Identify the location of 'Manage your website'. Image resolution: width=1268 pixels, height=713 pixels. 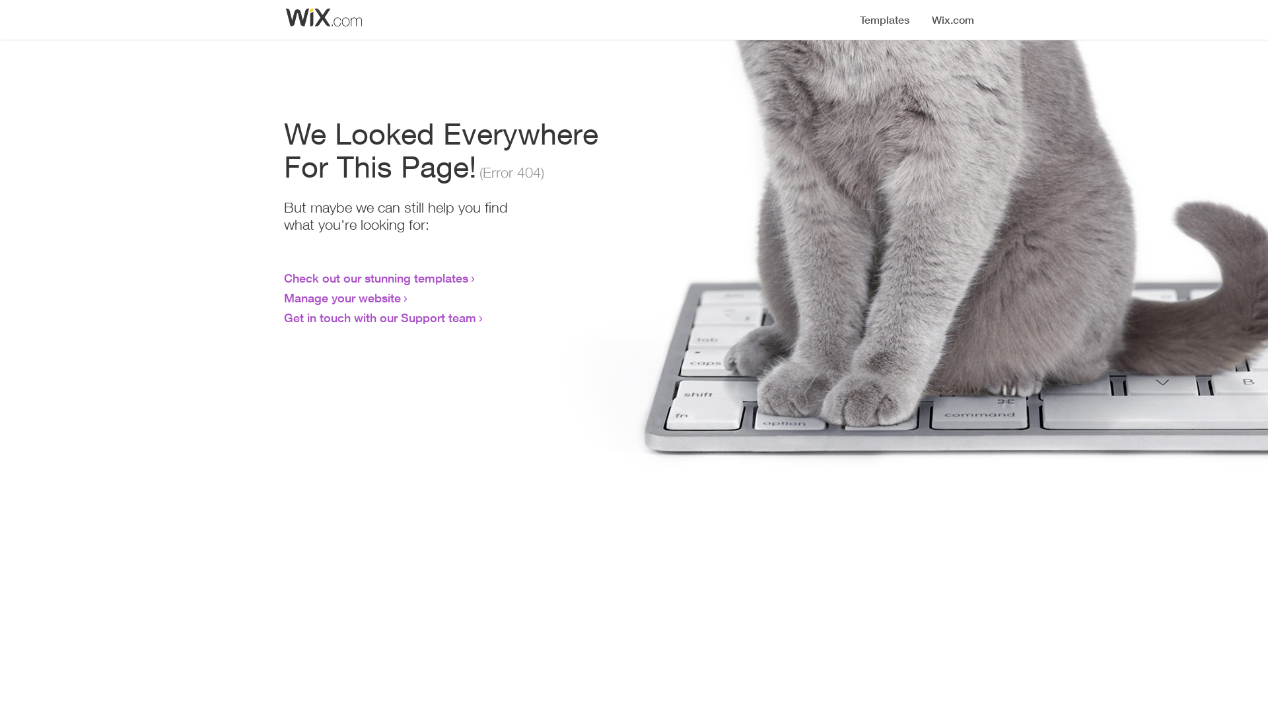
(342, 298).